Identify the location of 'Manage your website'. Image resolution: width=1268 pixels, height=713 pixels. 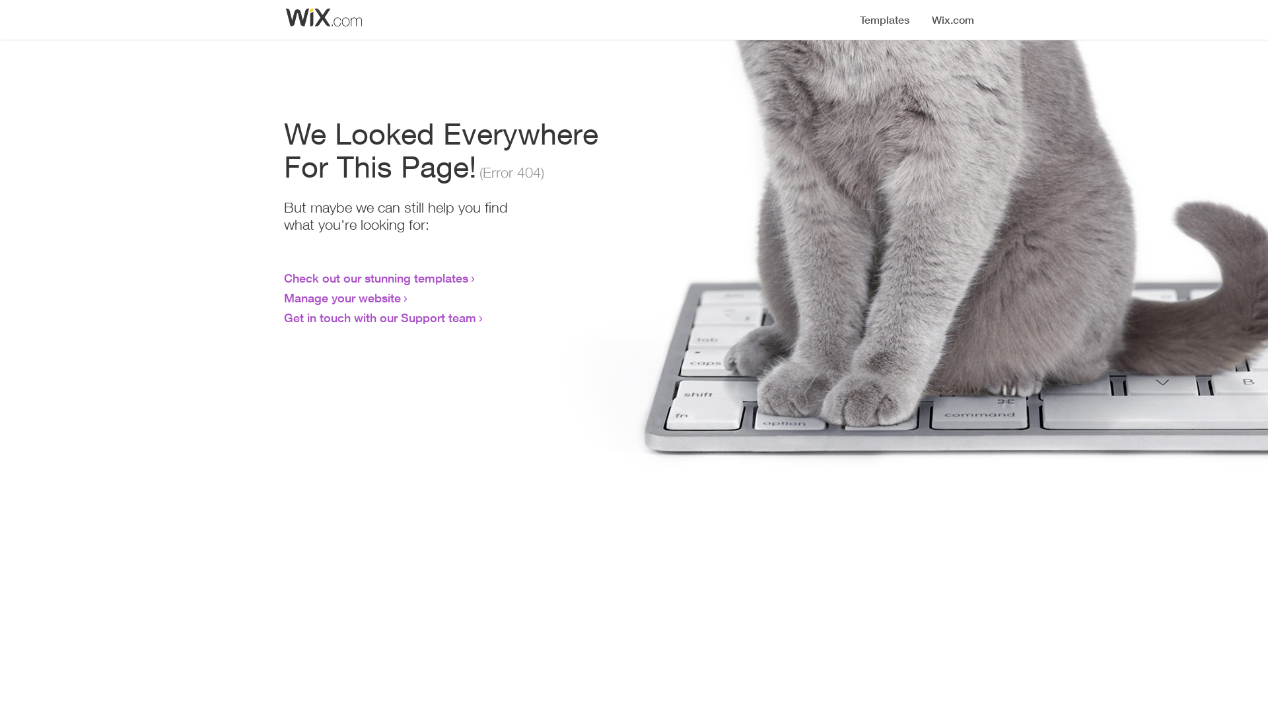
(342, 298).